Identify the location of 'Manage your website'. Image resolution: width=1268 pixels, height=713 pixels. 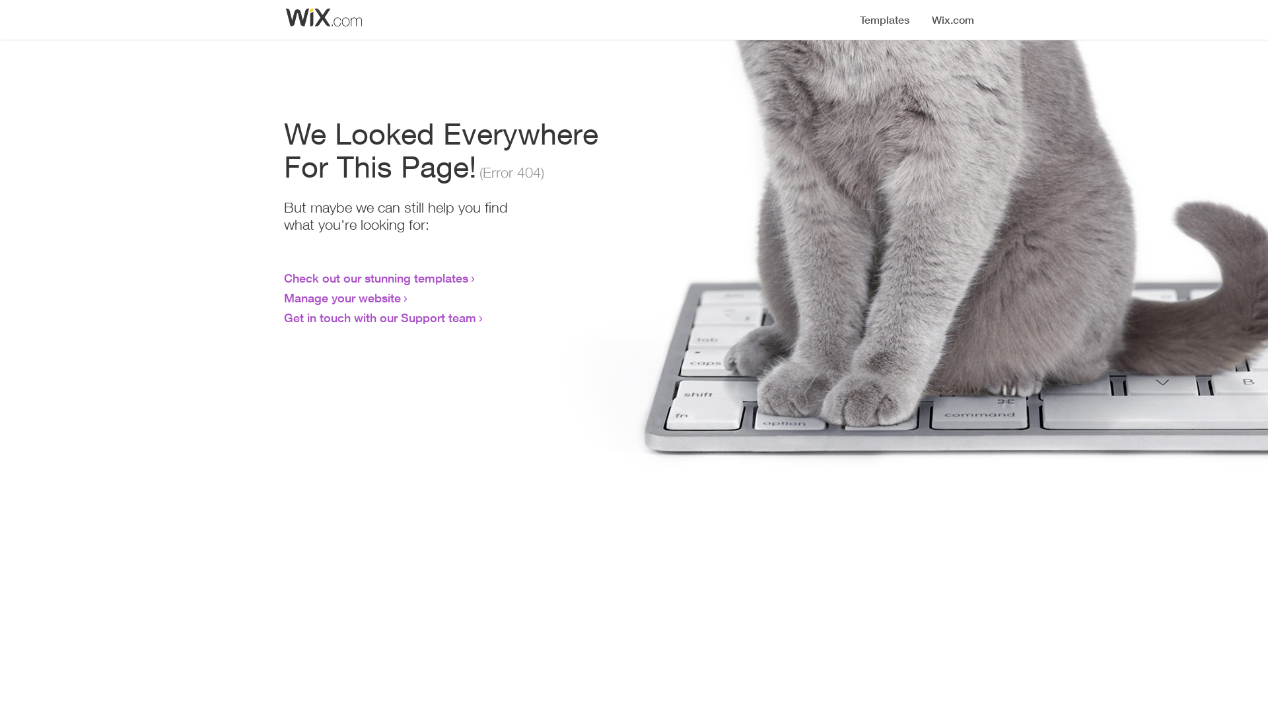
(342, 298).